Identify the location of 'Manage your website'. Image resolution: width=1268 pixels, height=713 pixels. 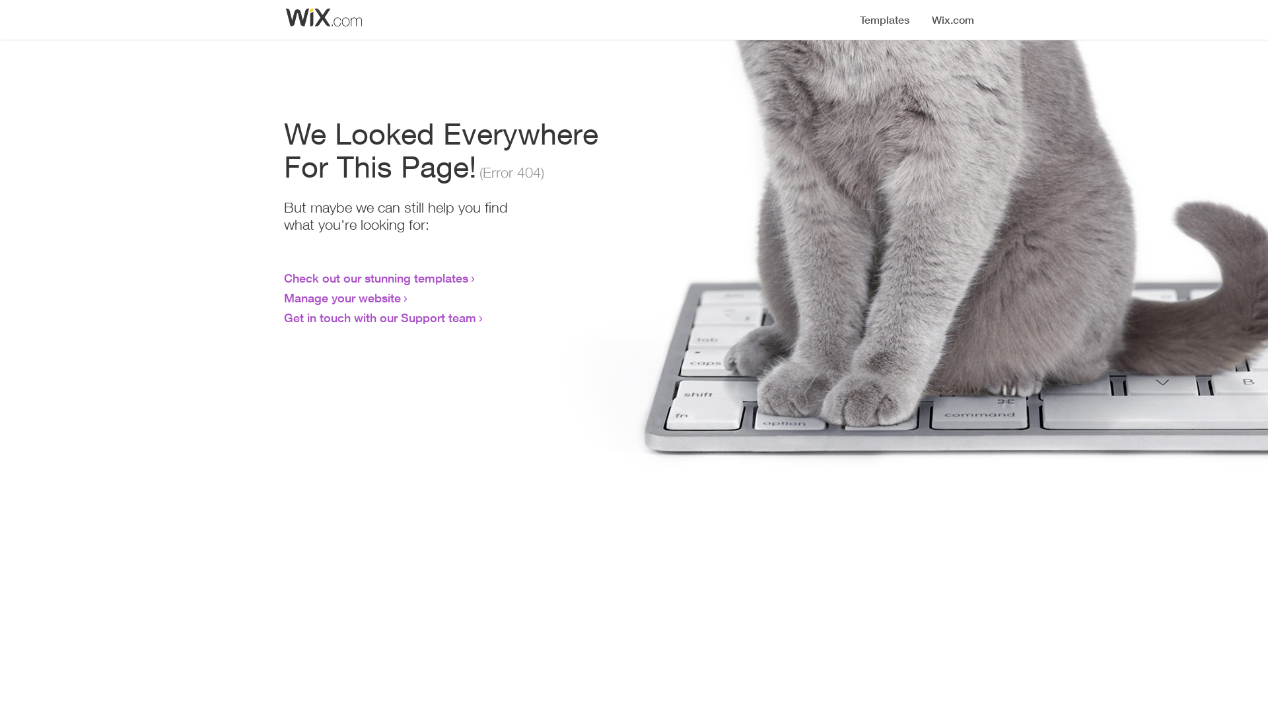
(342, 298).